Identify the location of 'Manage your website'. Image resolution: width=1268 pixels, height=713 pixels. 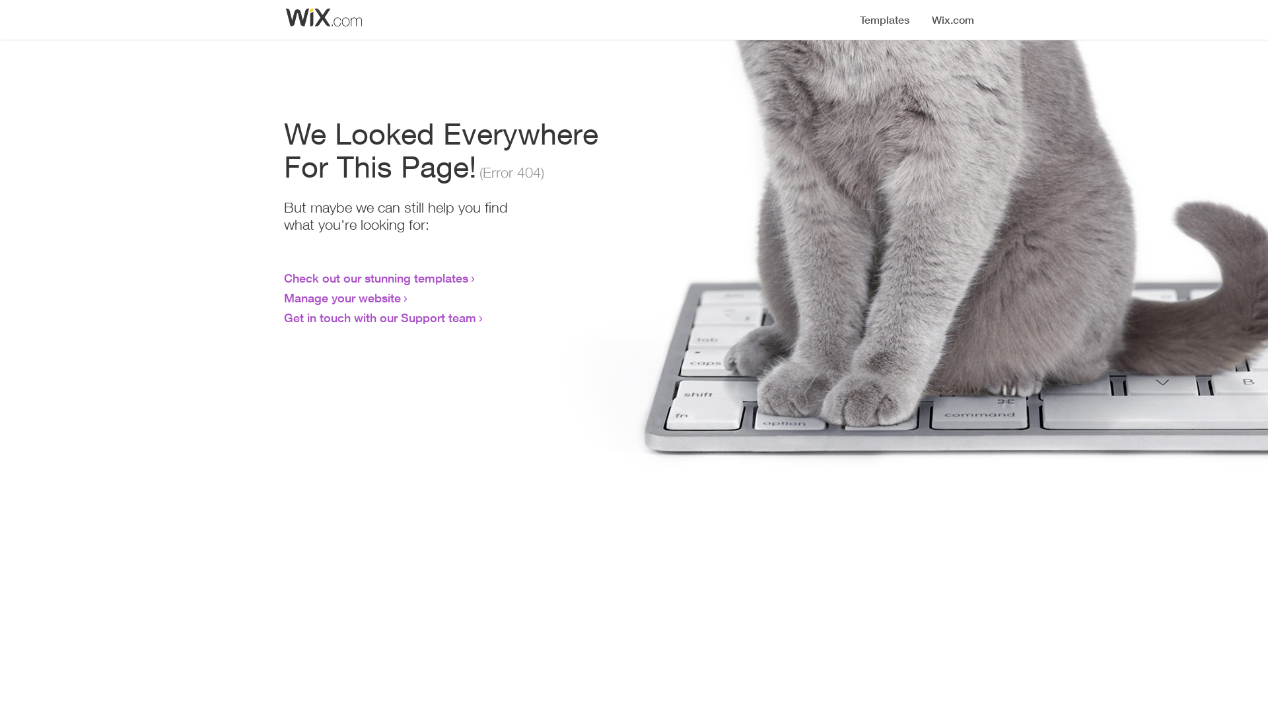
(342, 298).